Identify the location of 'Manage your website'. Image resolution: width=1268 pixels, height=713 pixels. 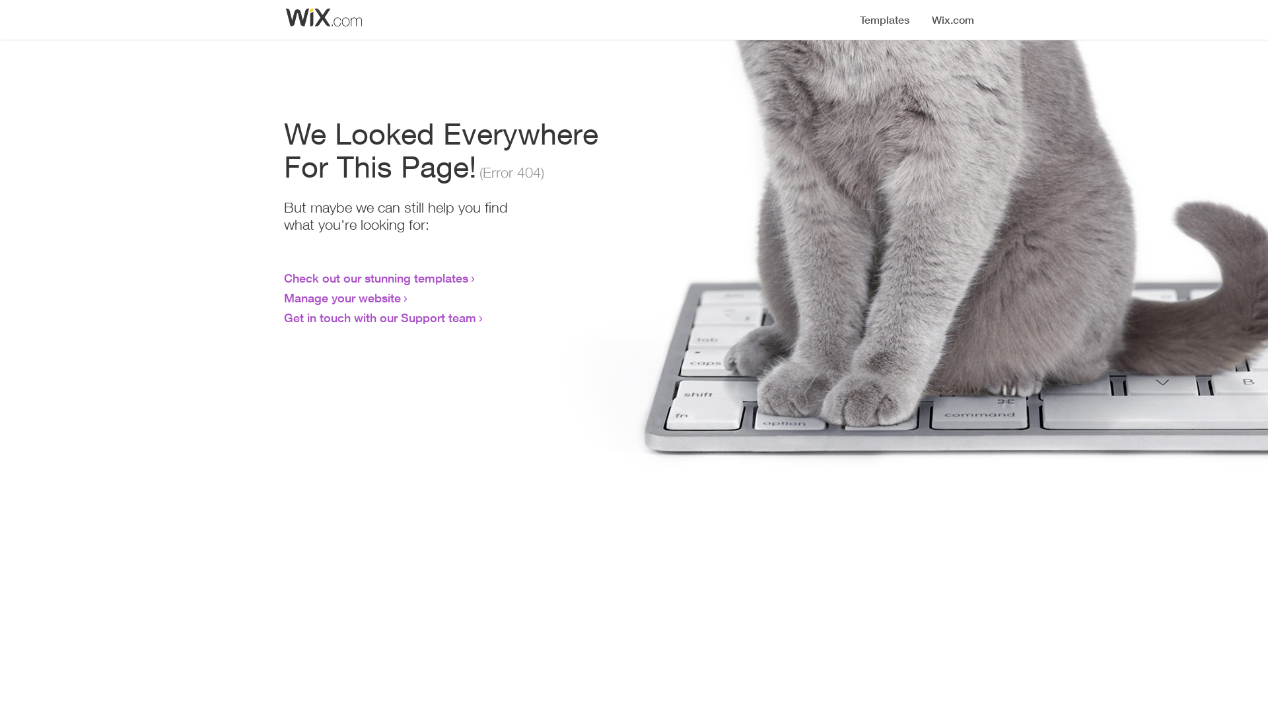
(342, 298).